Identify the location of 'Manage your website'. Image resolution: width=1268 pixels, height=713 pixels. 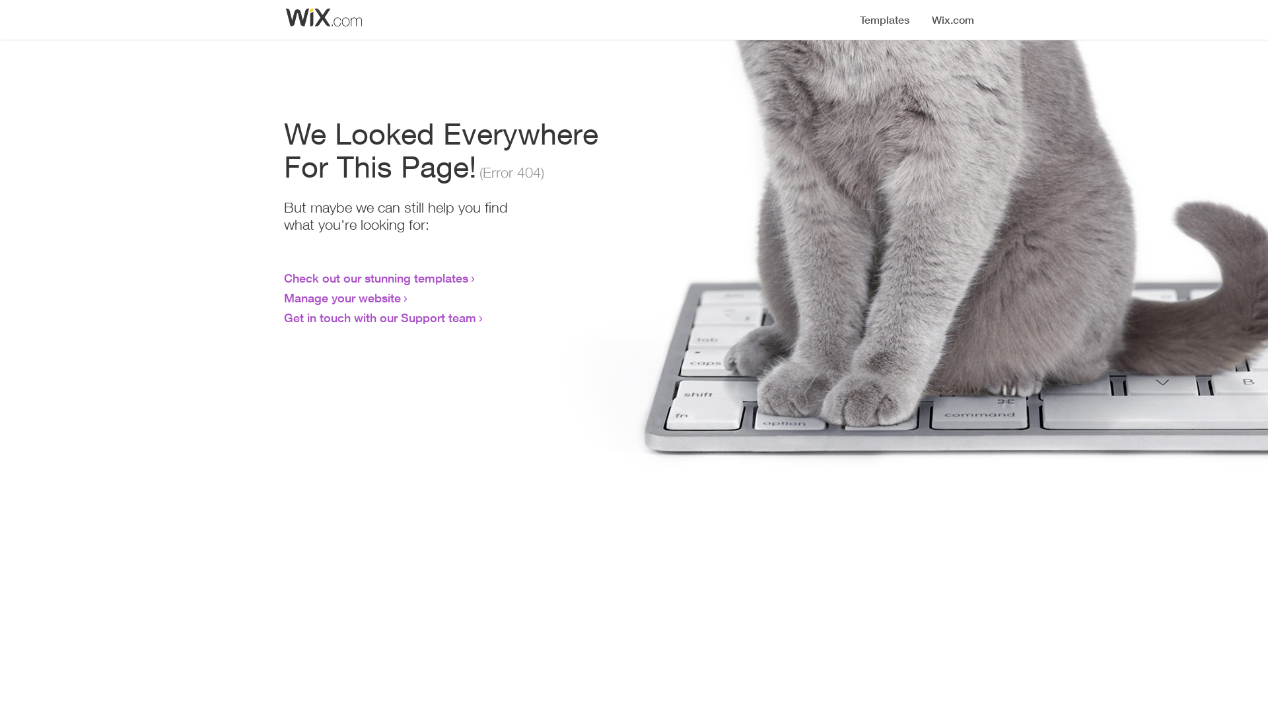
(342, 298).